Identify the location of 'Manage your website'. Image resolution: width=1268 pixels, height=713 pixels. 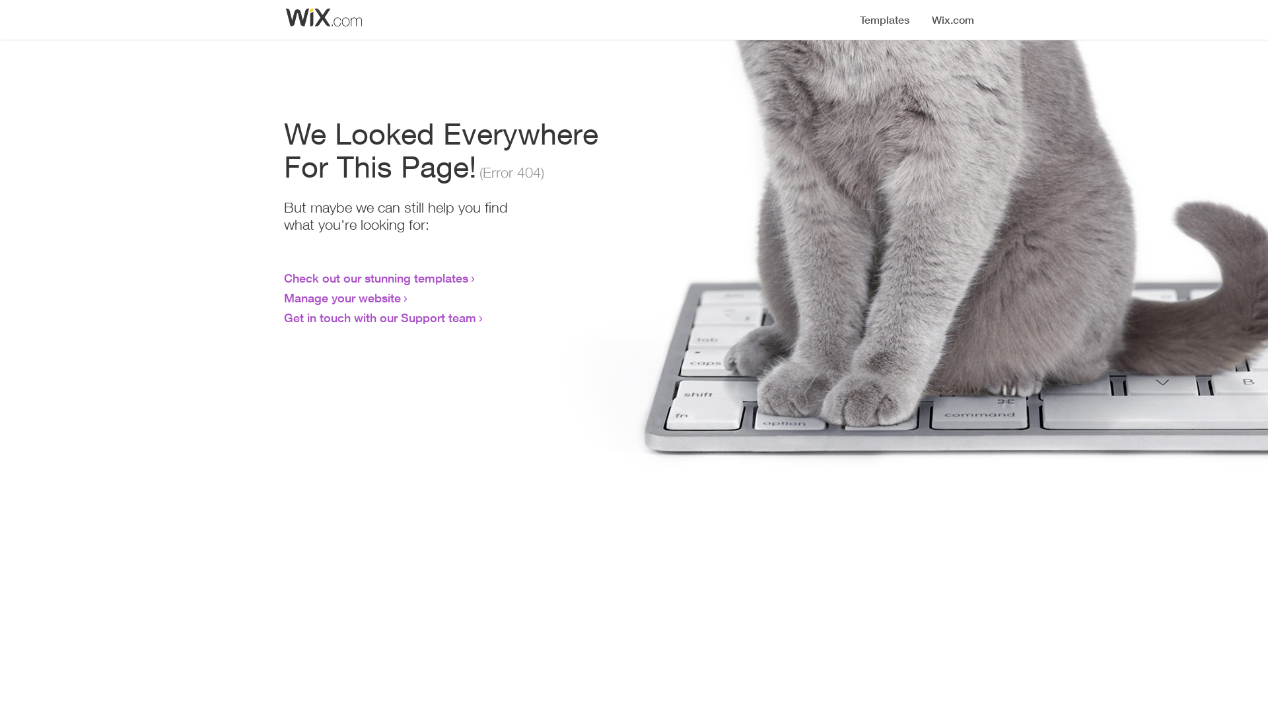
(342, 298).